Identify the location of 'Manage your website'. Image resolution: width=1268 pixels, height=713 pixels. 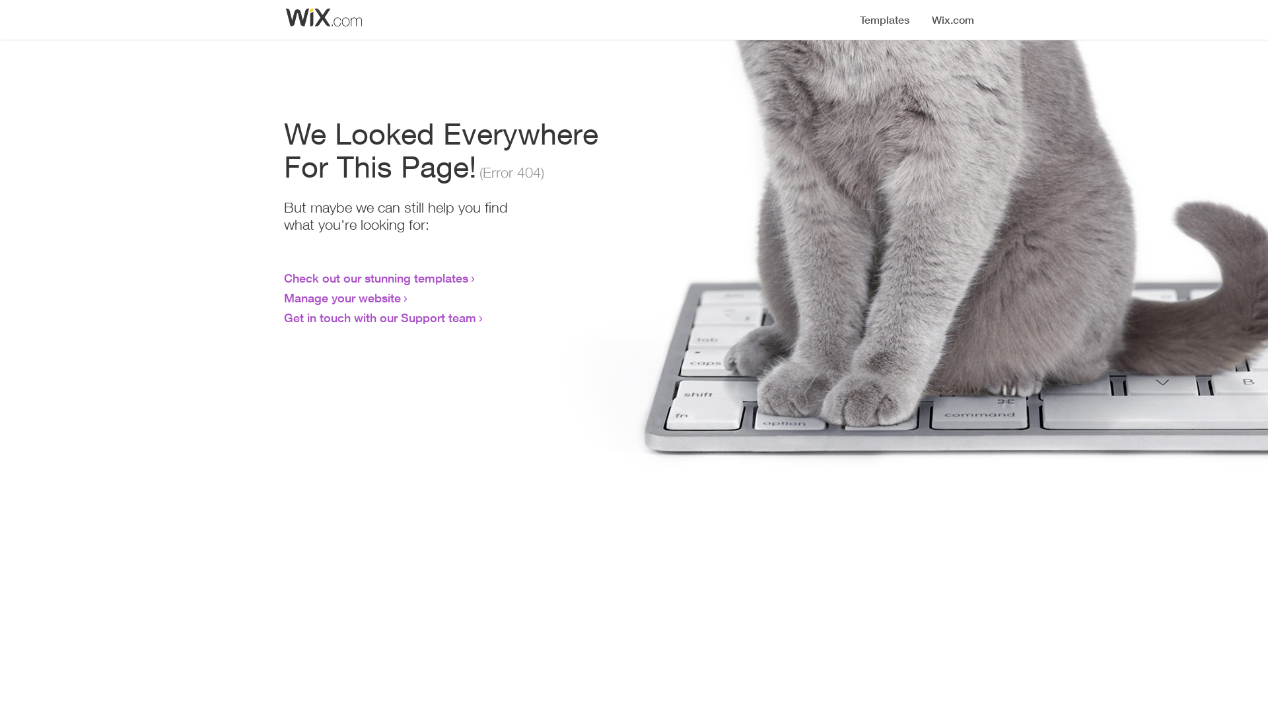
(342, 298).